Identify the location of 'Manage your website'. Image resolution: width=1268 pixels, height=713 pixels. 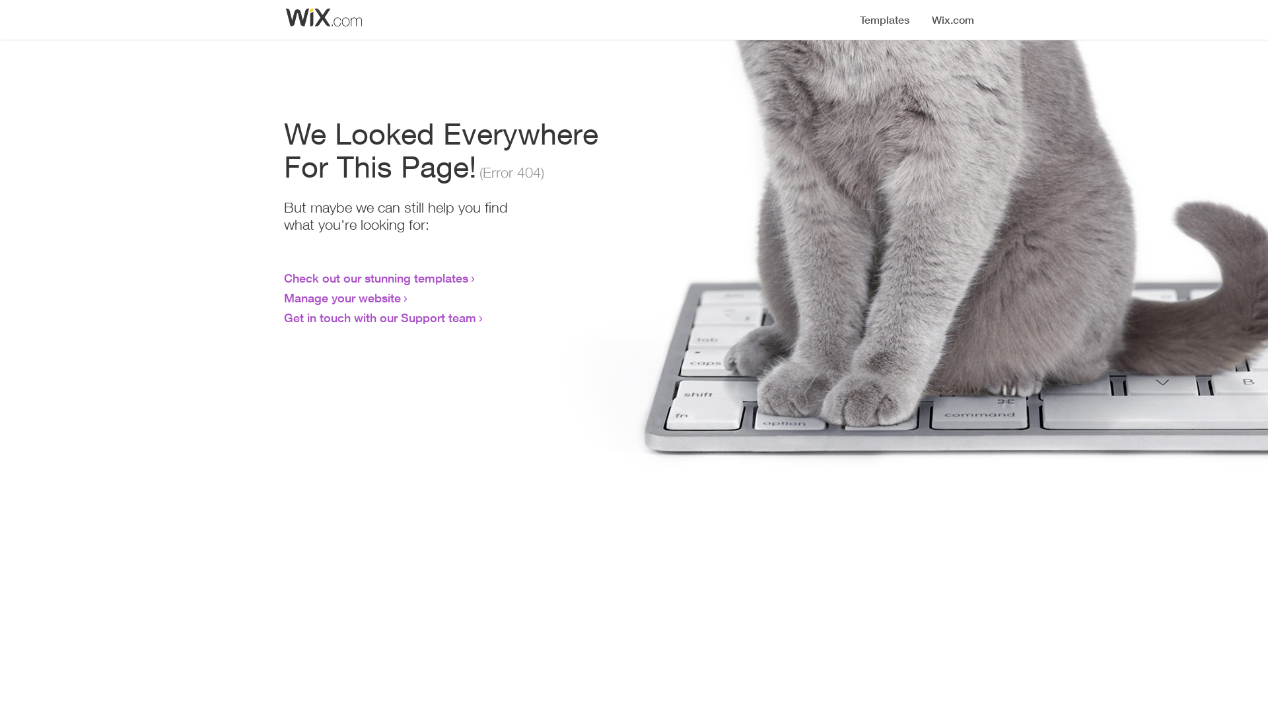
(342, 298).